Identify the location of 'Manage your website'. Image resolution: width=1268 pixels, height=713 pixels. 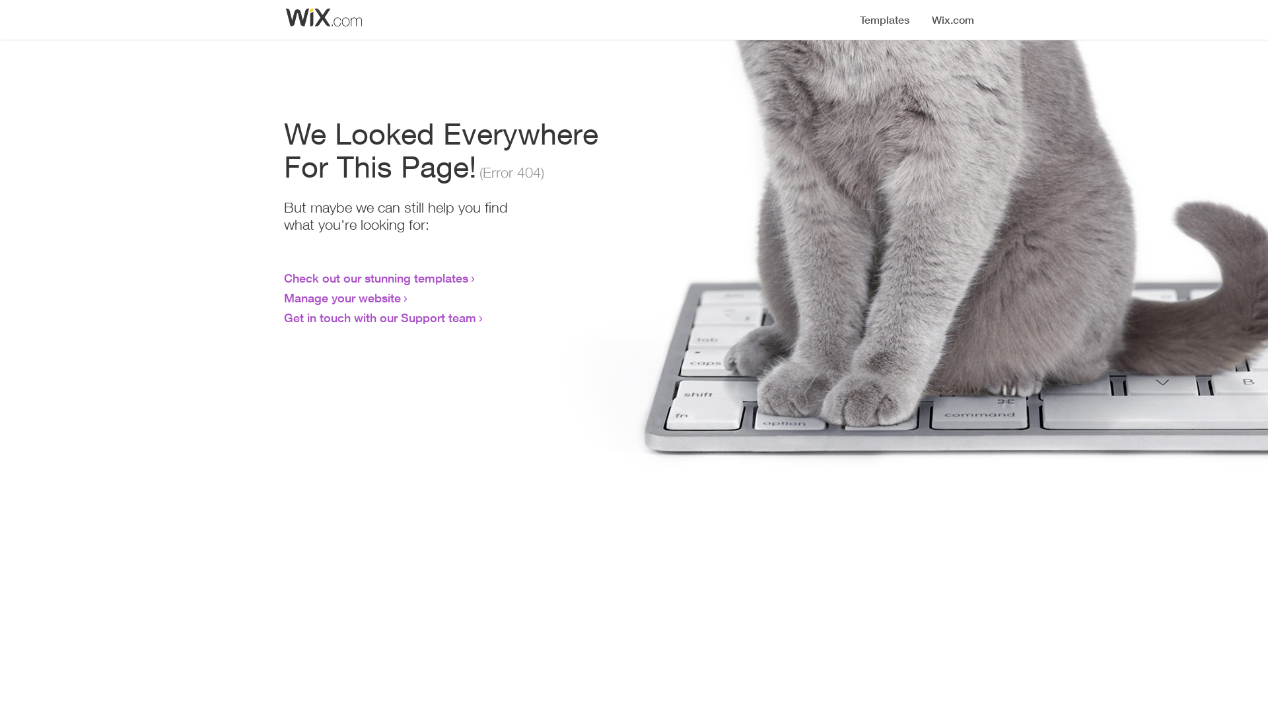
(342, 298).